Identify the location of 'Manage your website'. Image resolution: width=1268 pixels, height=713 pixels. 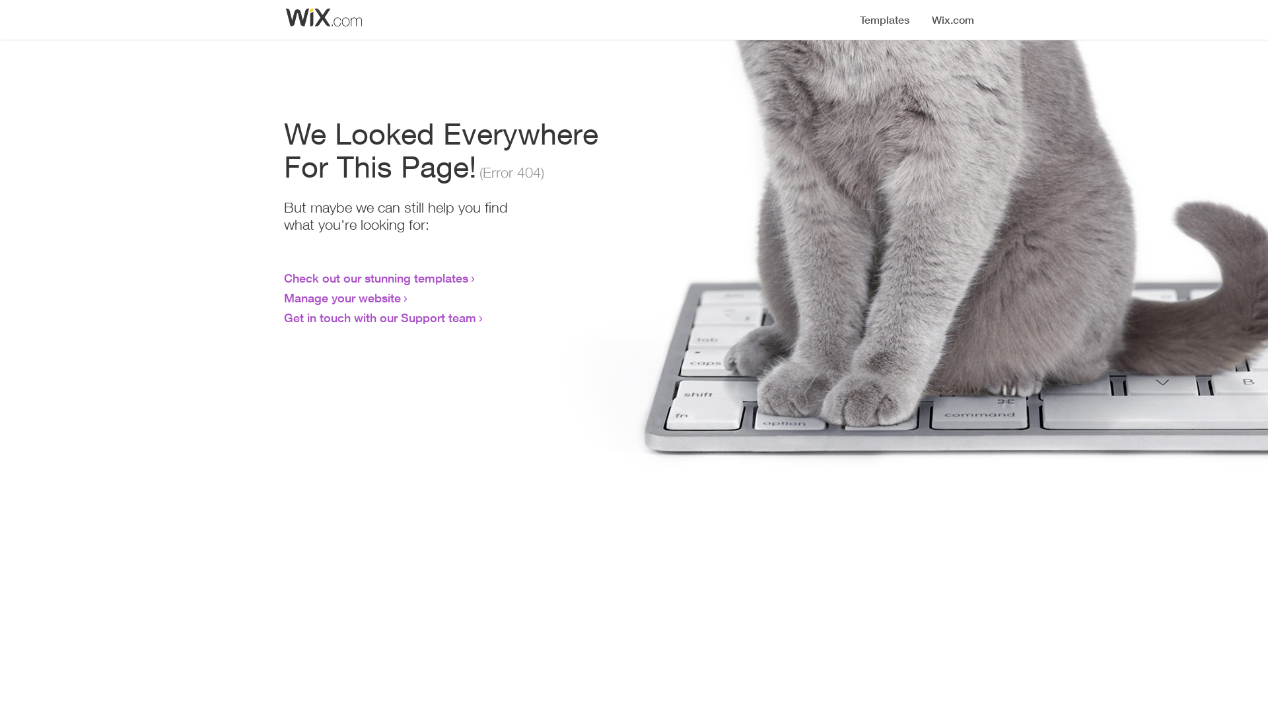
(342, 298).